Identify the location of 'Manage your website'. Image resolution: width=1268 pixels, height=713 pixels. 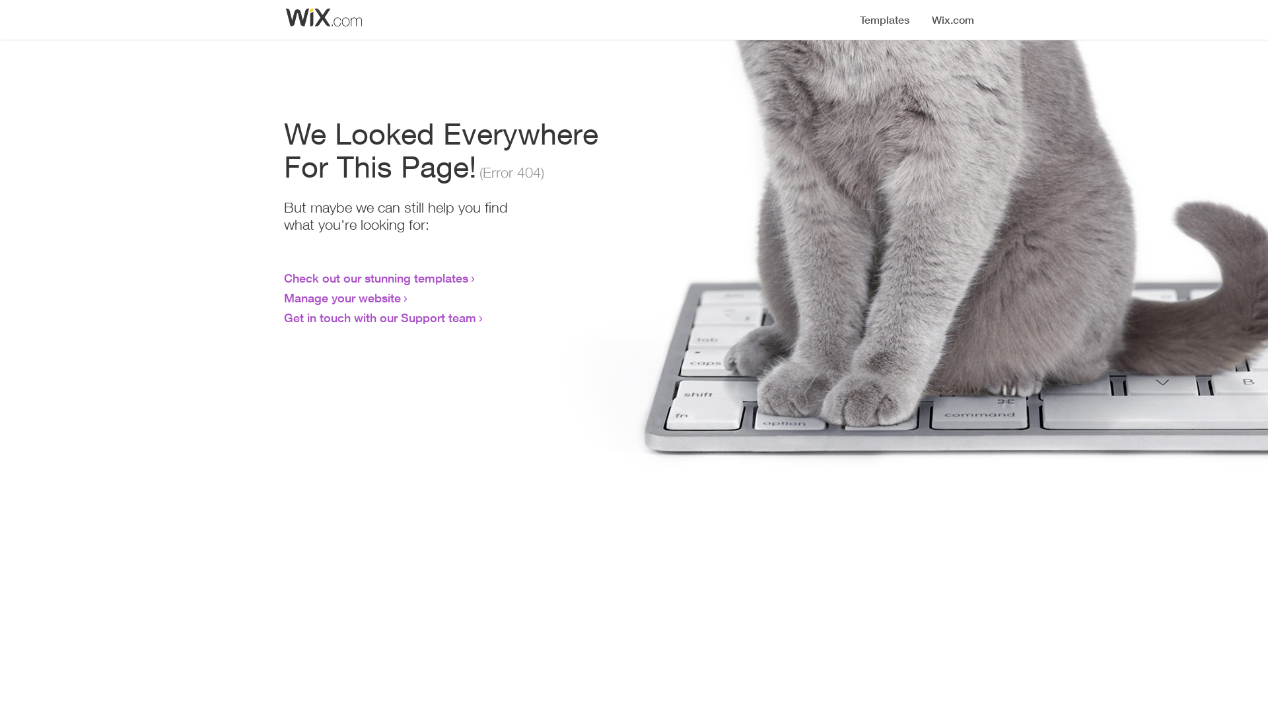
(342, 298).